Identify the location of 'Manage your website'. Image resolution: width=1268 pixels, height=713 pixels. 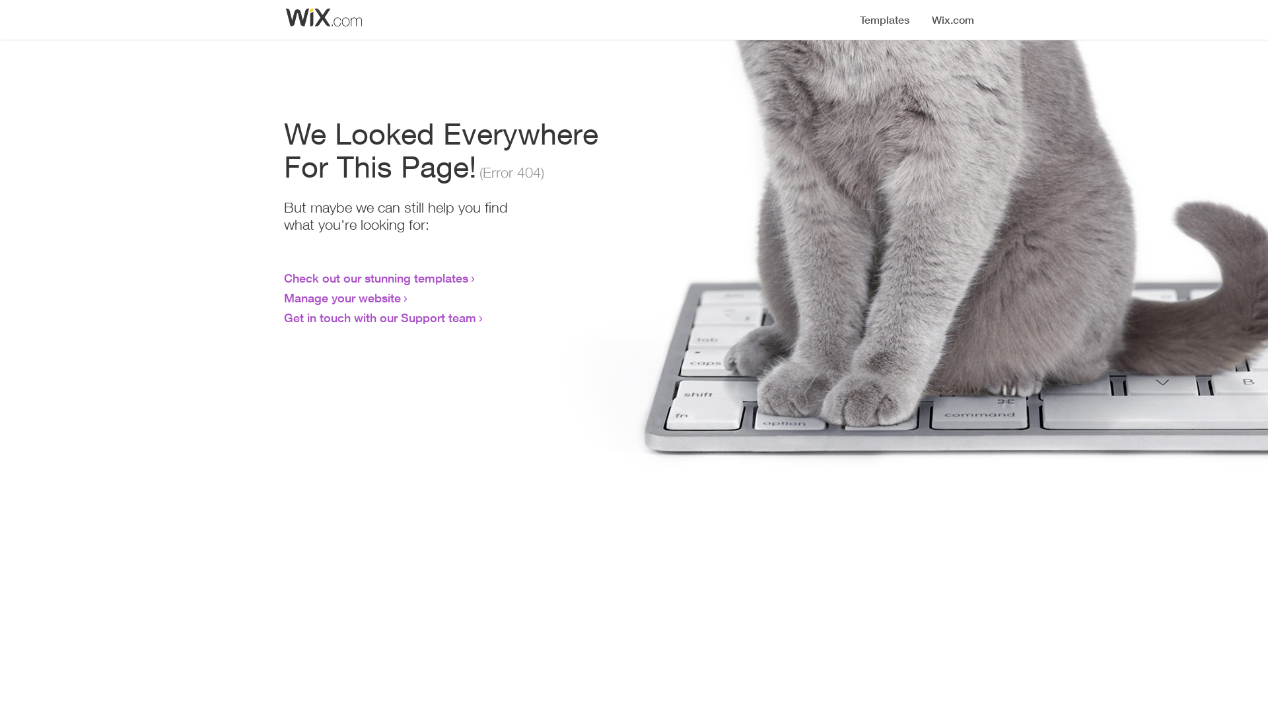
(342, 298).